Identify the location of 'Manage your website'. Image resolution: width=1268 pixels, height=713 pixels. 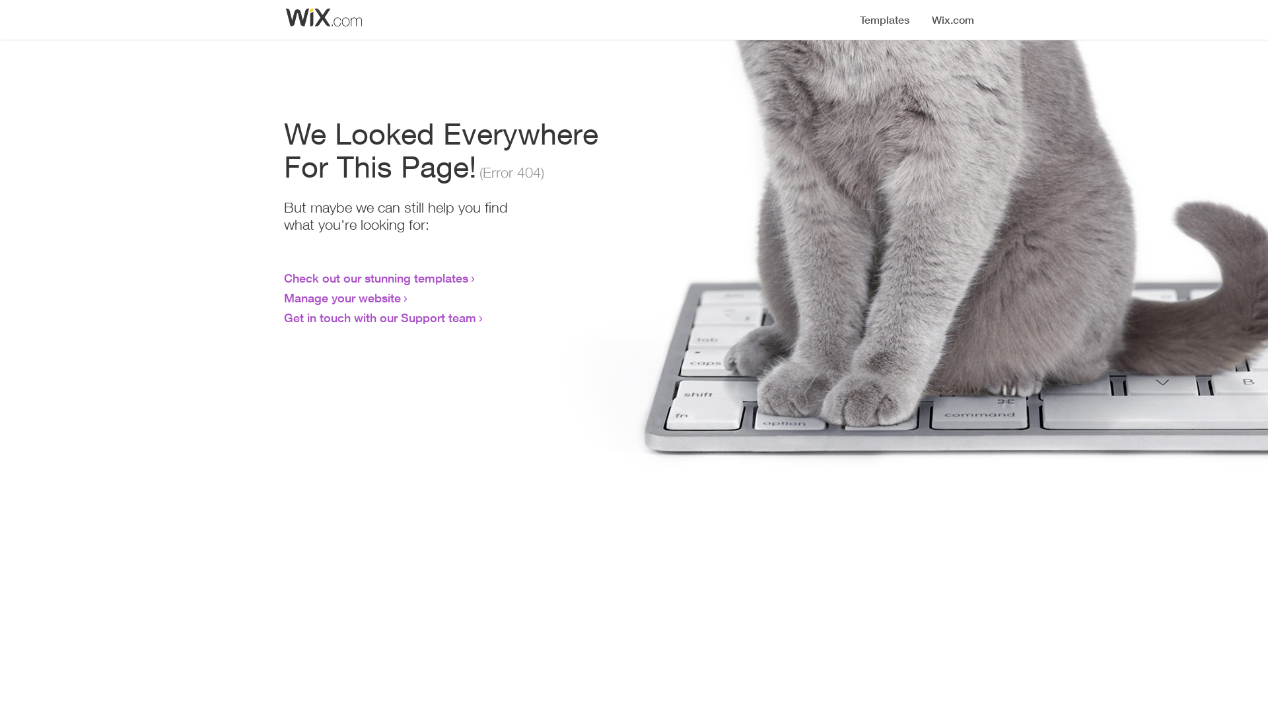
(342, 298).